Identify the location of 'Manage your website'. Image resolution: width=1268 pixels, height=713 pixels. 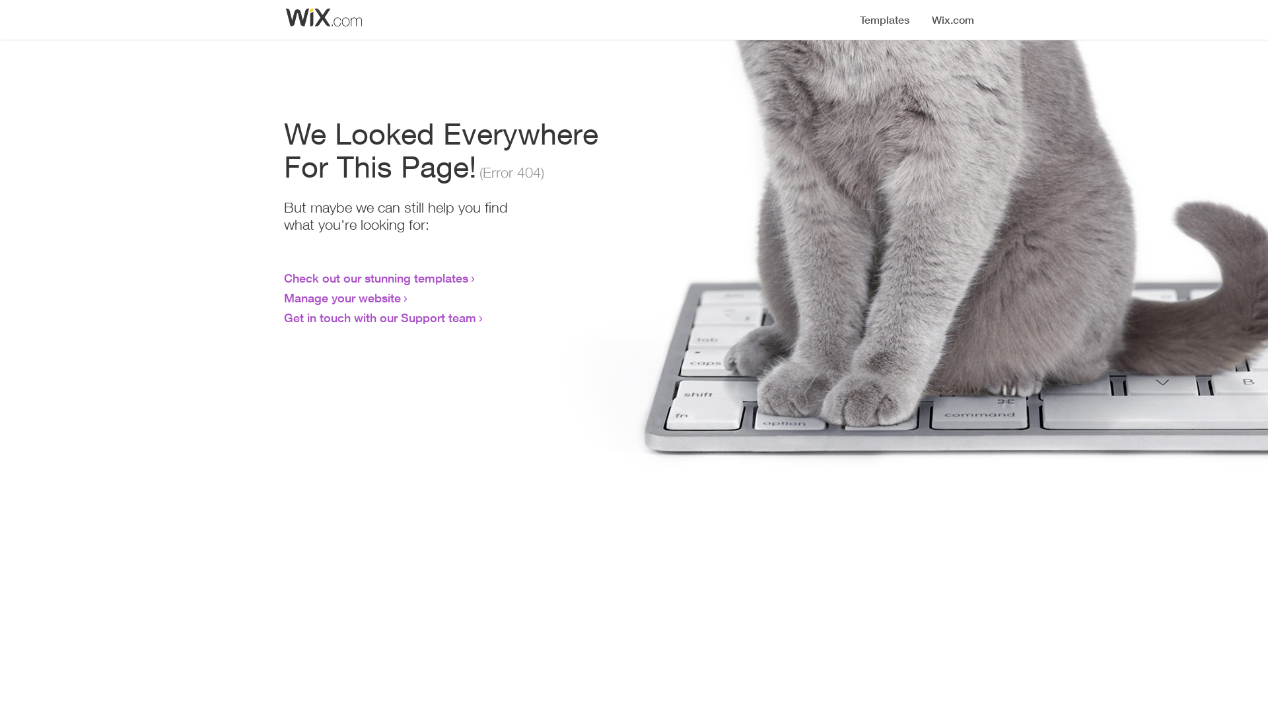
(342, 298).